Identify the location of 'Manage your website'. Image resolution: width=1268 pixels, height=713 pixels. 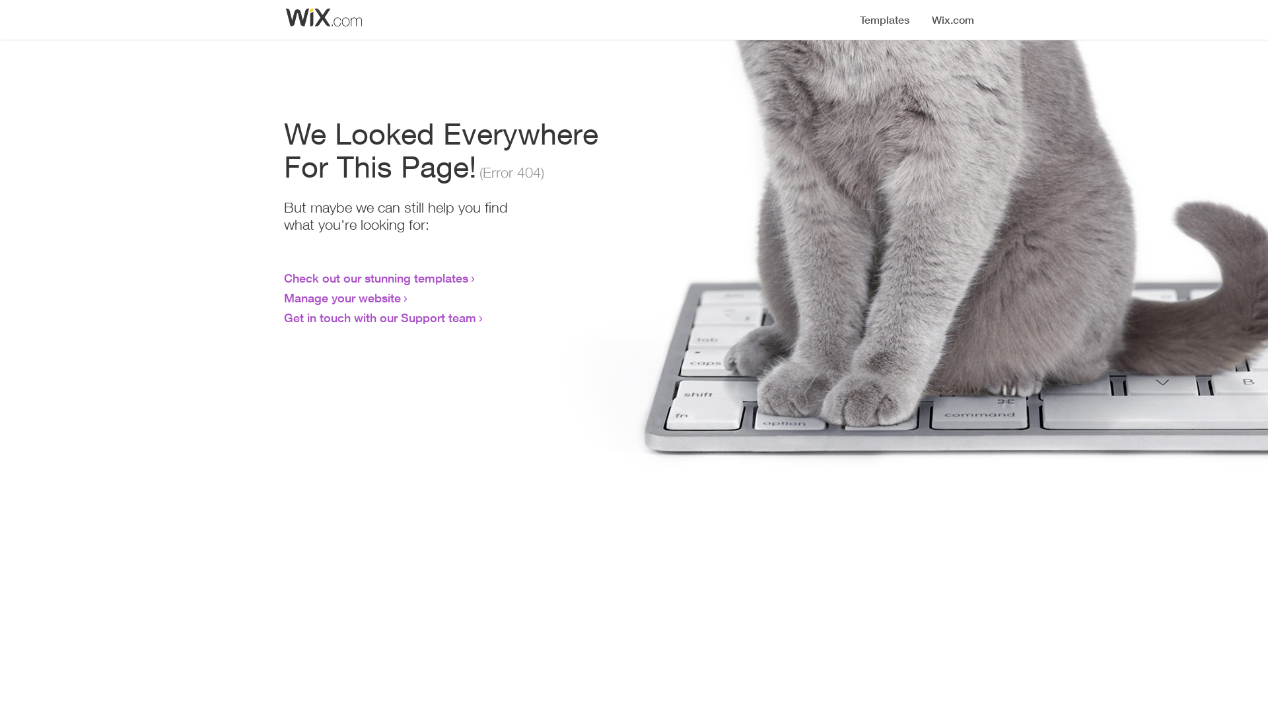
(342, 298).